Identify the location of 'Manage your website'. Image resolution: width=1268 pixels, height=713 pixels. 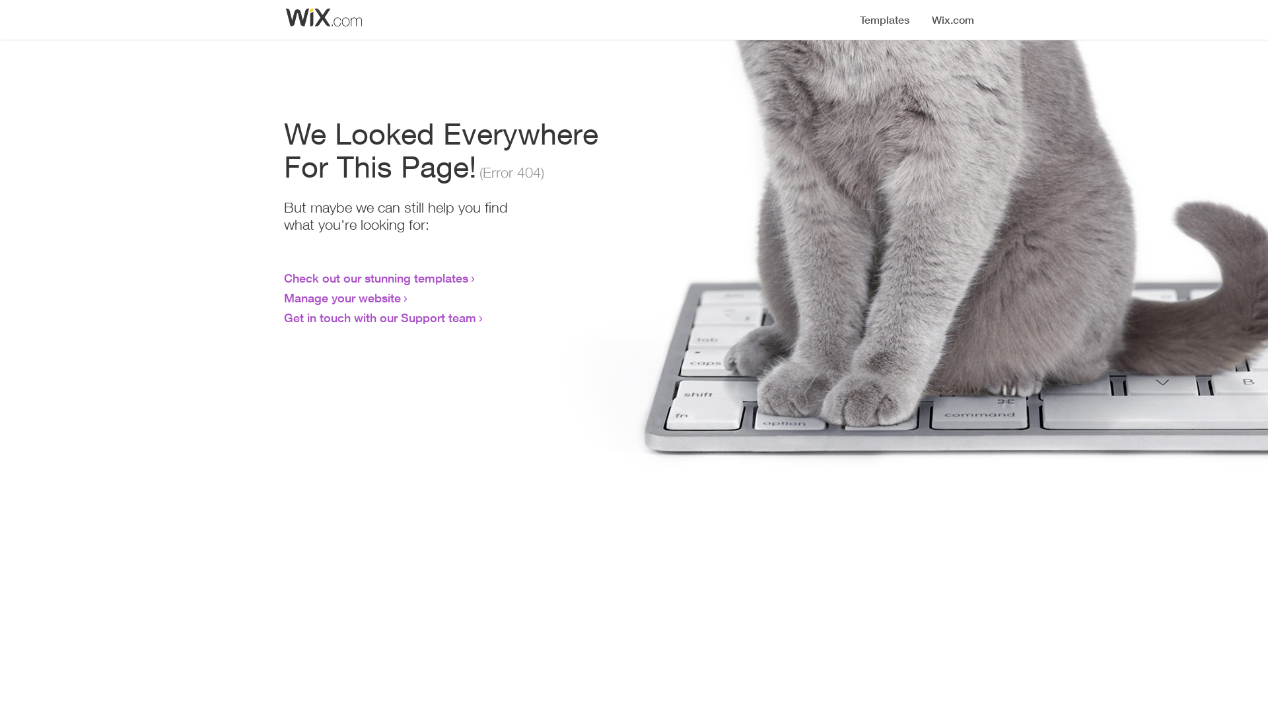
(342, 298).